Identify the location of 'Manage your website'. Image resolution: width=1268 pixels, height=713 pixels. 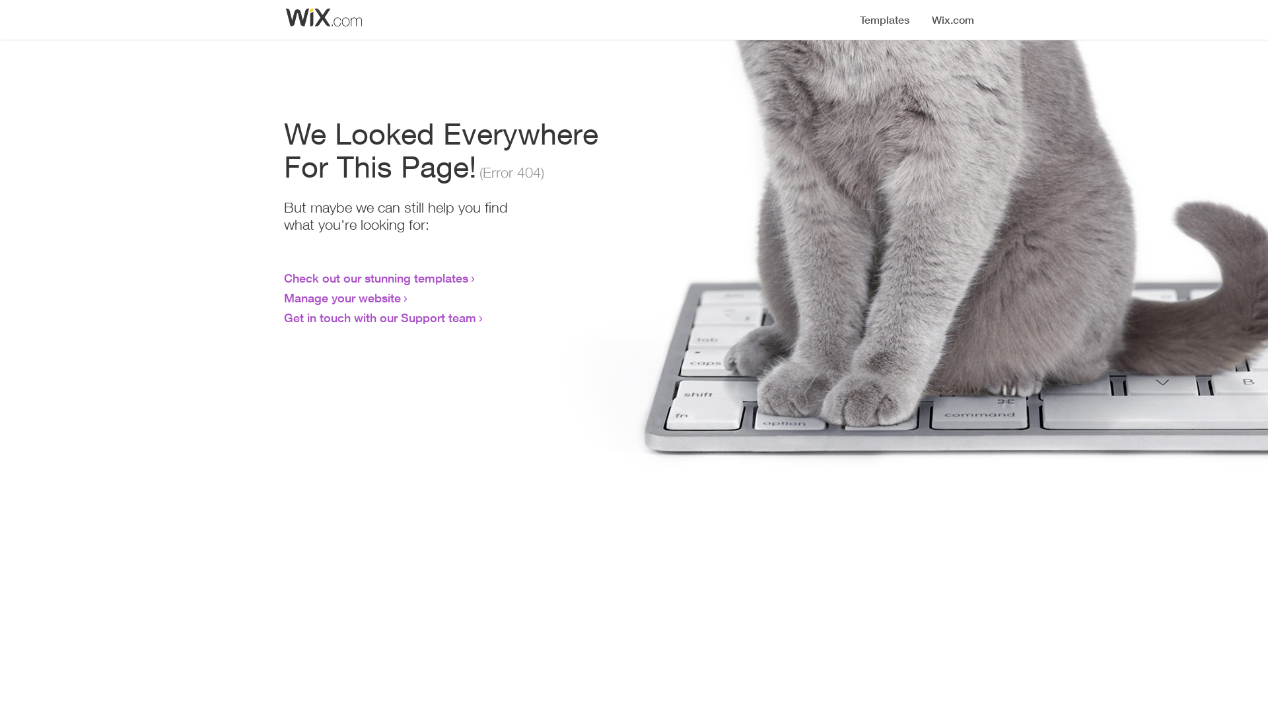
(342, 298).